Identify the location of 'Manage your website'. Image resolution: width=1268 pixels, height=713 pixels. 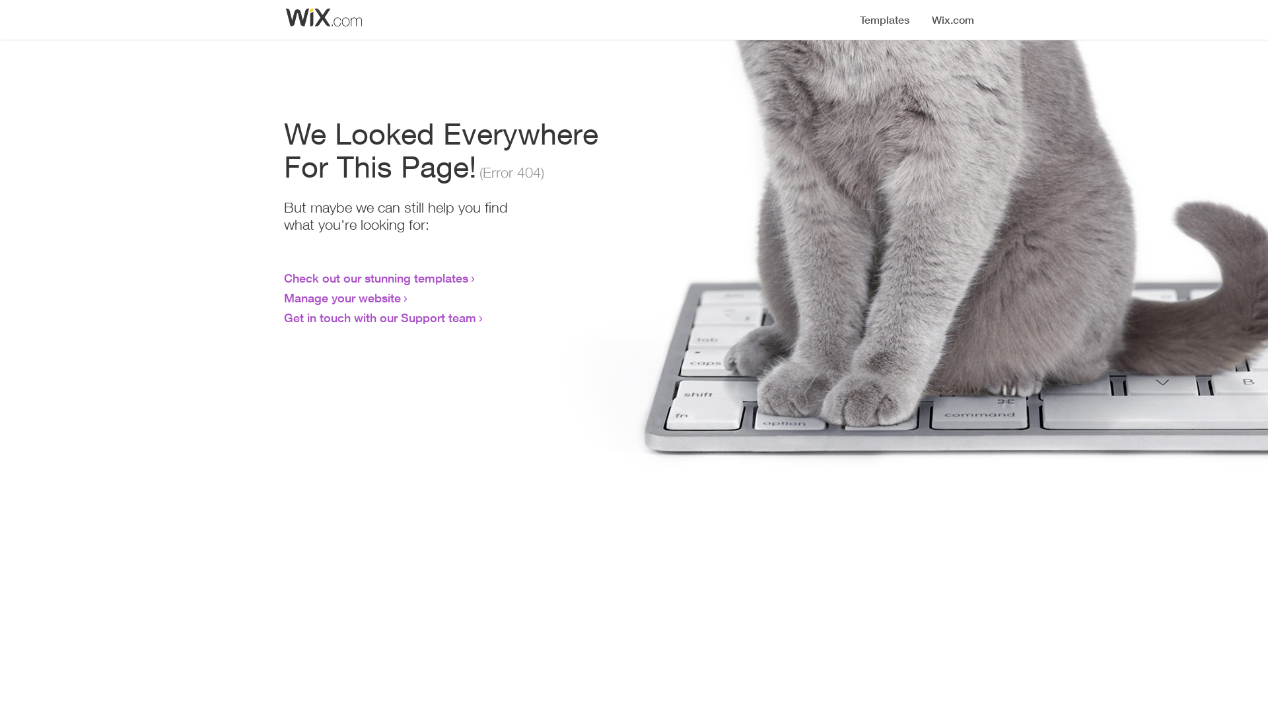
(342, 298).